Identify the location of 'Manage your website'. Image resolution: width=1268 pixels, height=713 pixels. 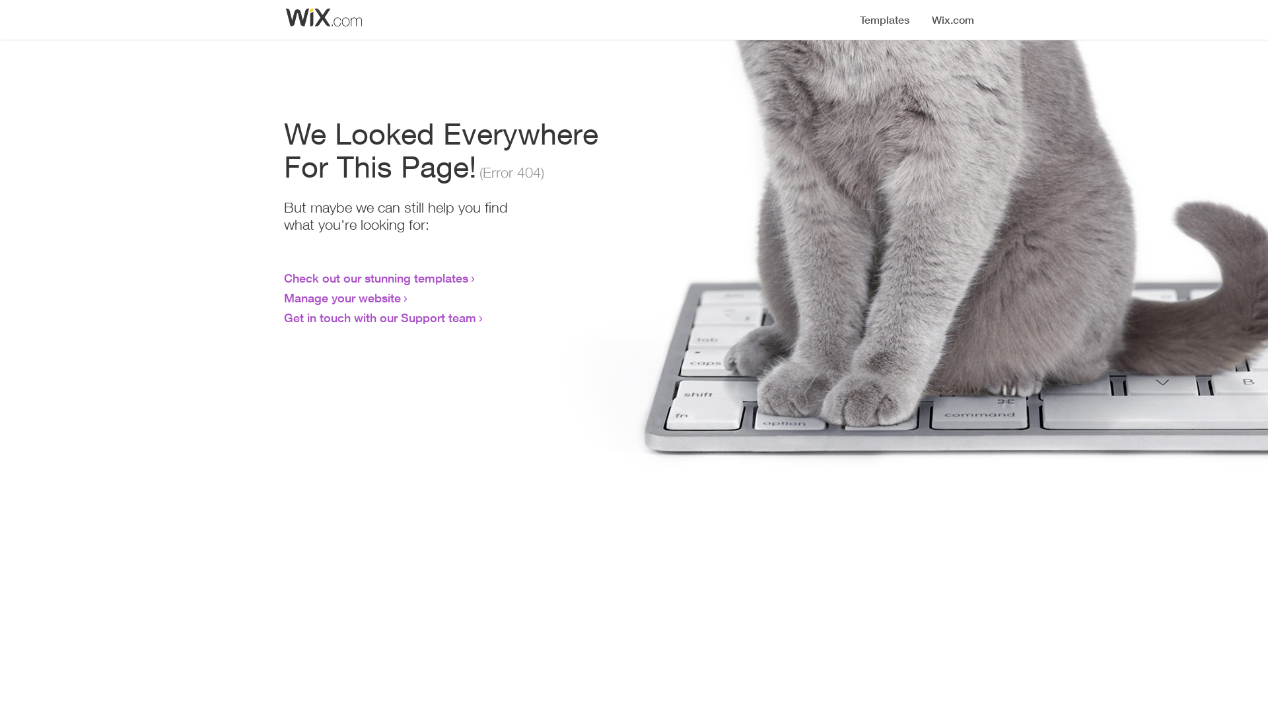
(342, 298).